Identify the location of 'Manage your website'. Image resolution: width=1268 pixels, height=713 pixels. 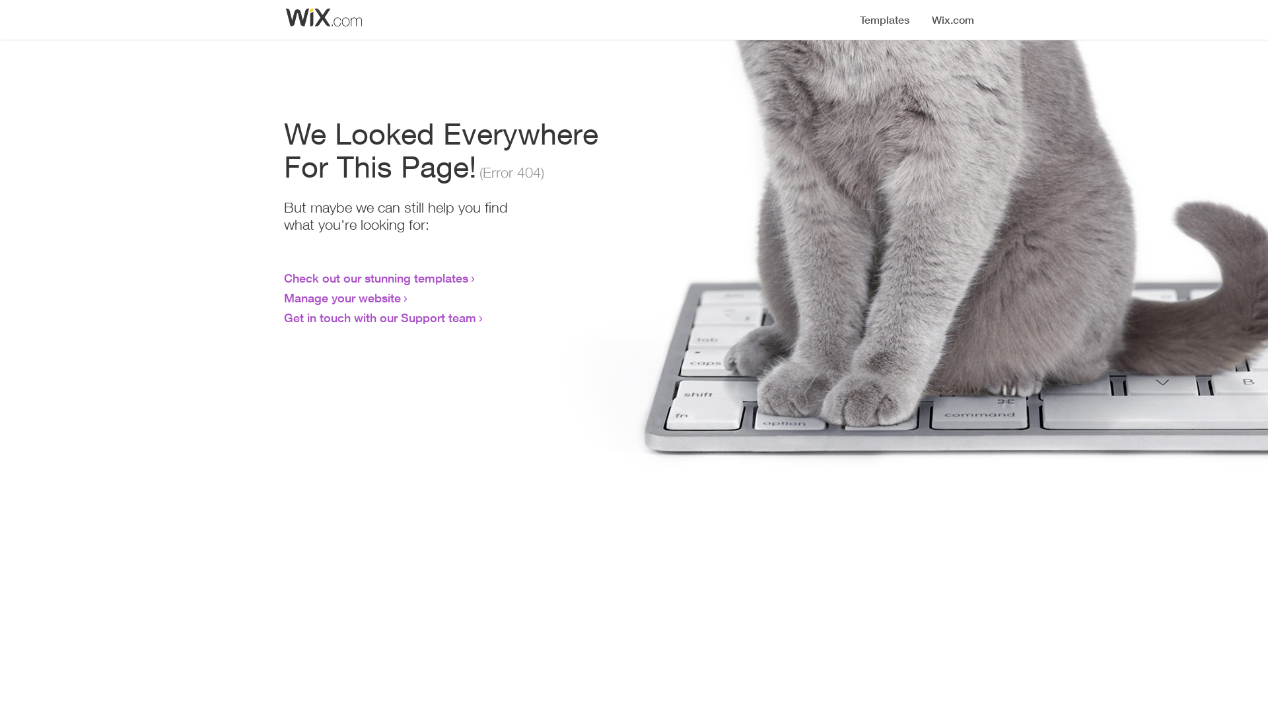
(342, 298).